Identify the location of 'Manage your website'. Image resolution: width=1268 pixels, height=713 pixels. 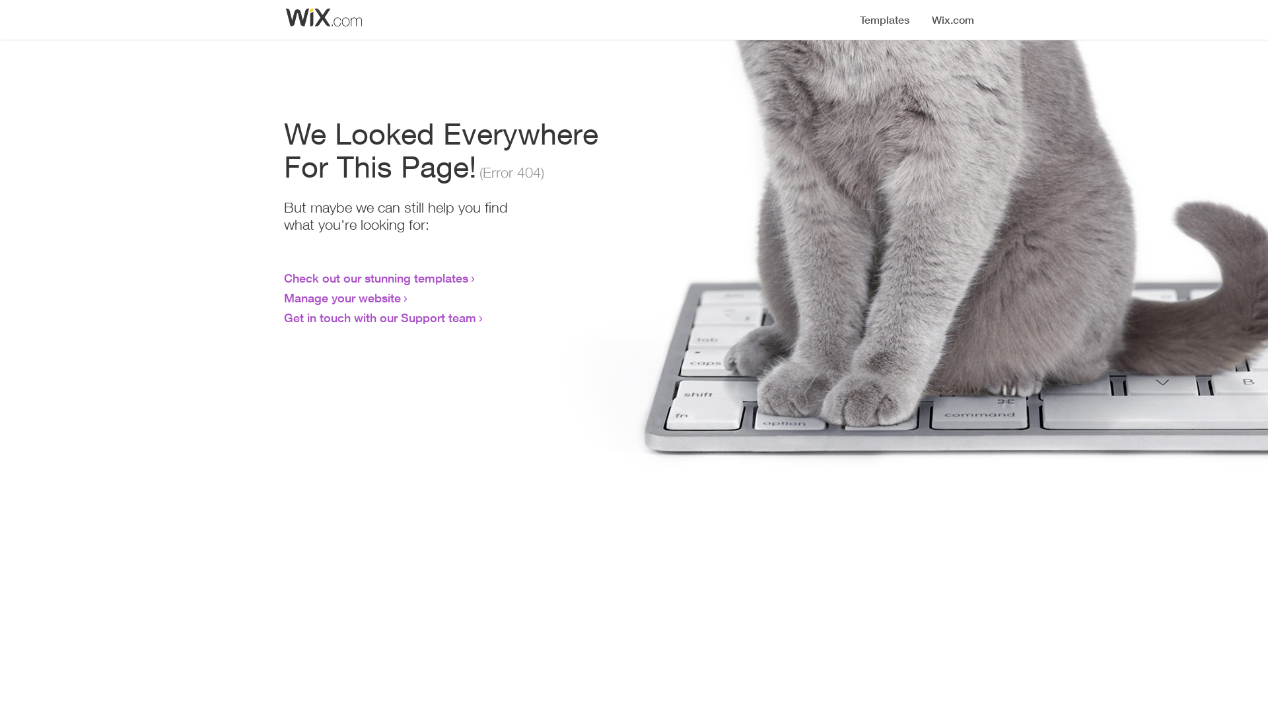
(342, 298).